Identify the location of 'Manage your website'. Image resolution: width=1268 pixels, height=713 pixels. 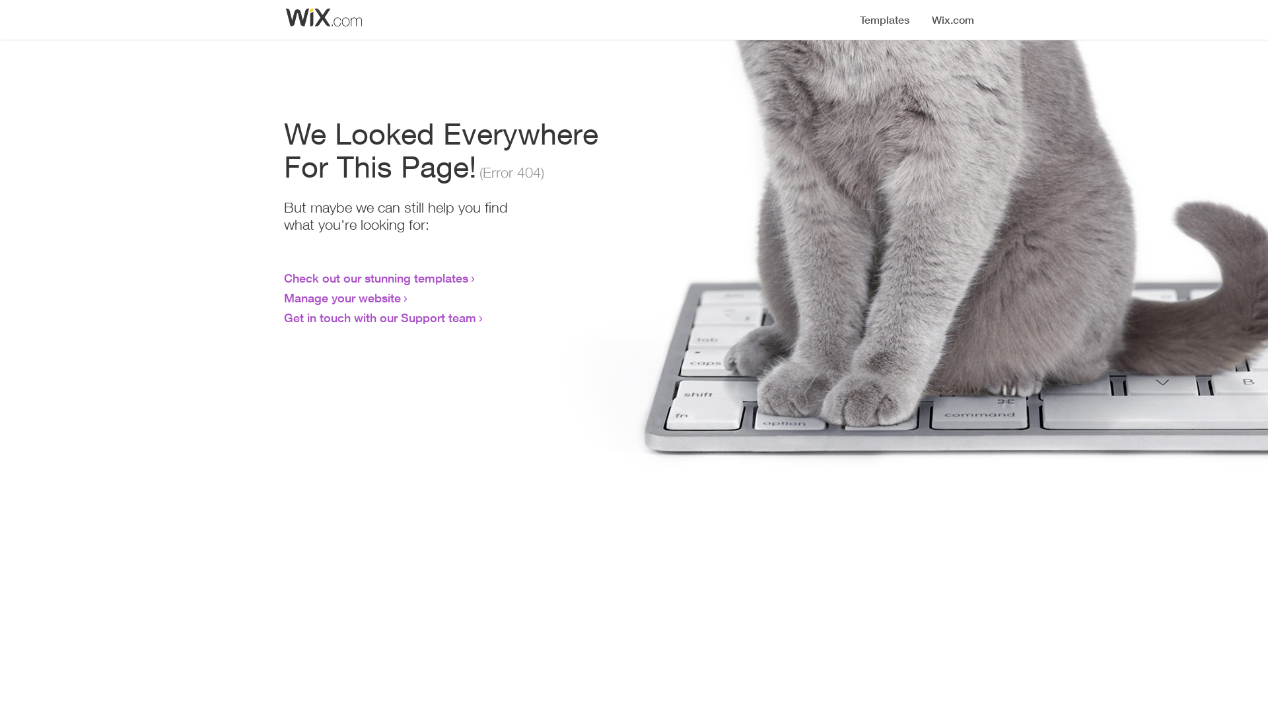
(342, 298).